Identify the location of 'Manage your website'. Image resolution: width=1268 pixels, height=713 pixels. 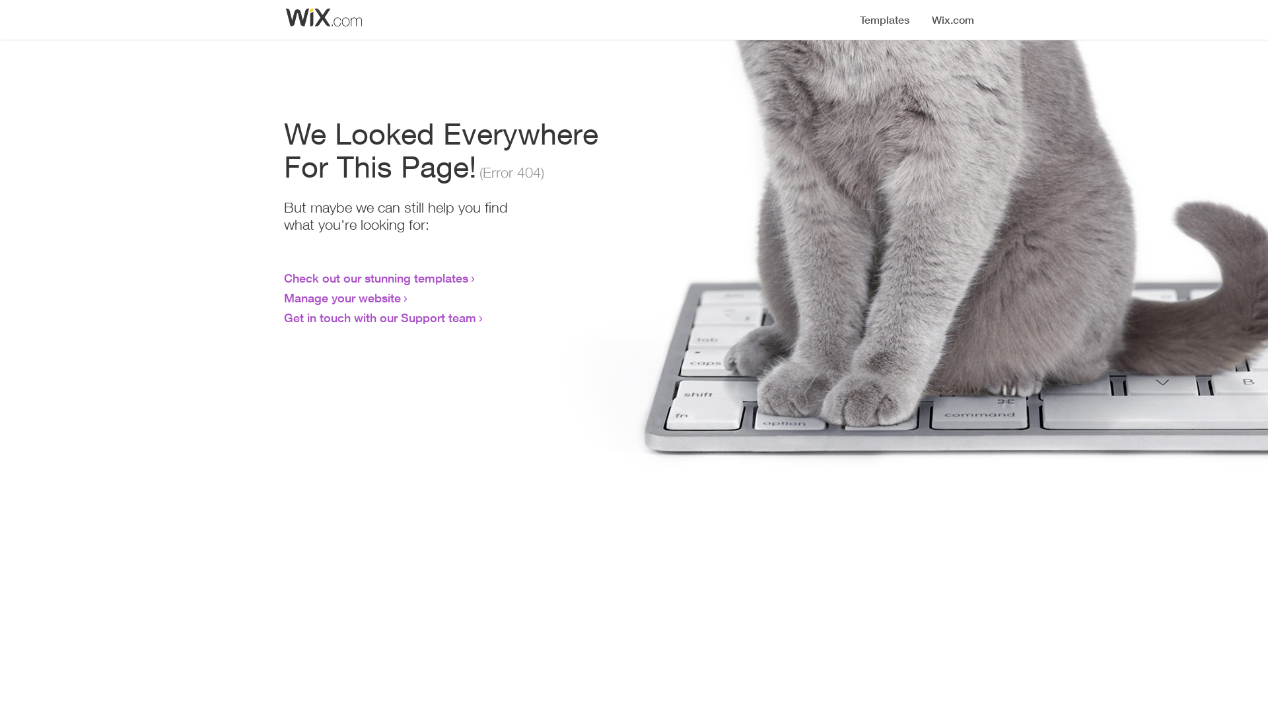
(342, 298).